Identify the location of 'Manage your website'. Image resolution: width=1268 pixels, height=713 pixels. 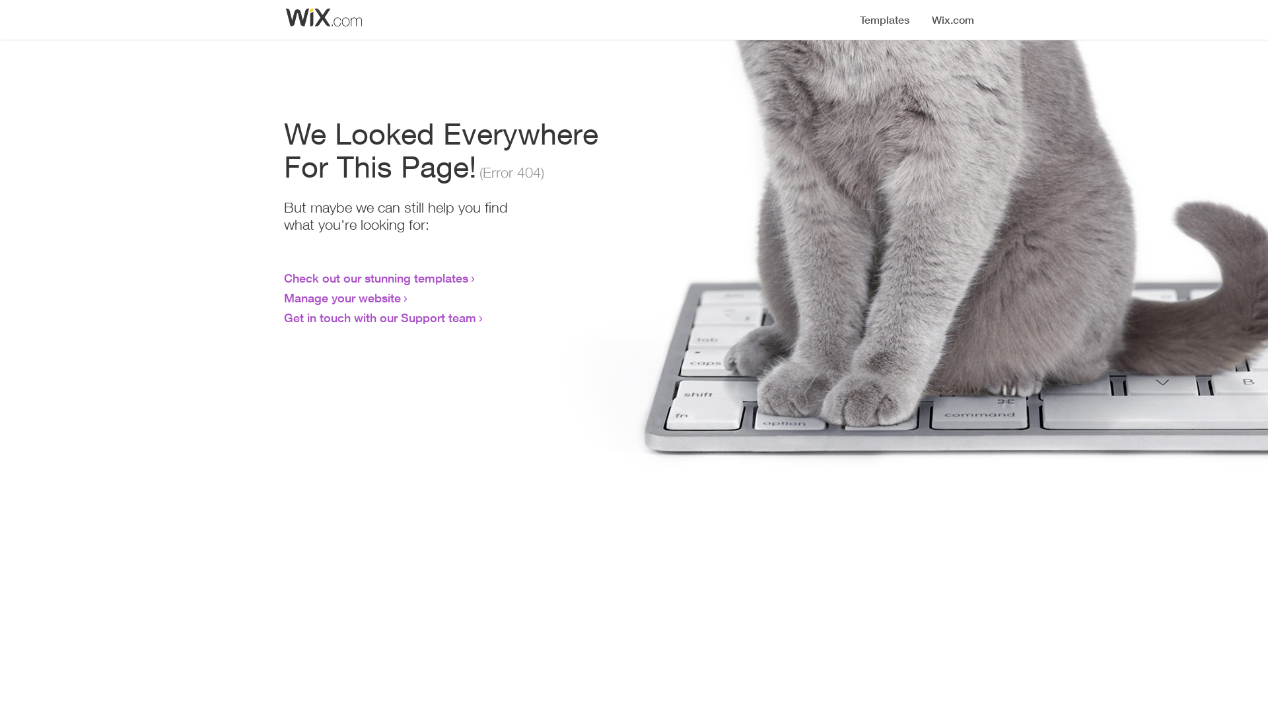
(342, 298).